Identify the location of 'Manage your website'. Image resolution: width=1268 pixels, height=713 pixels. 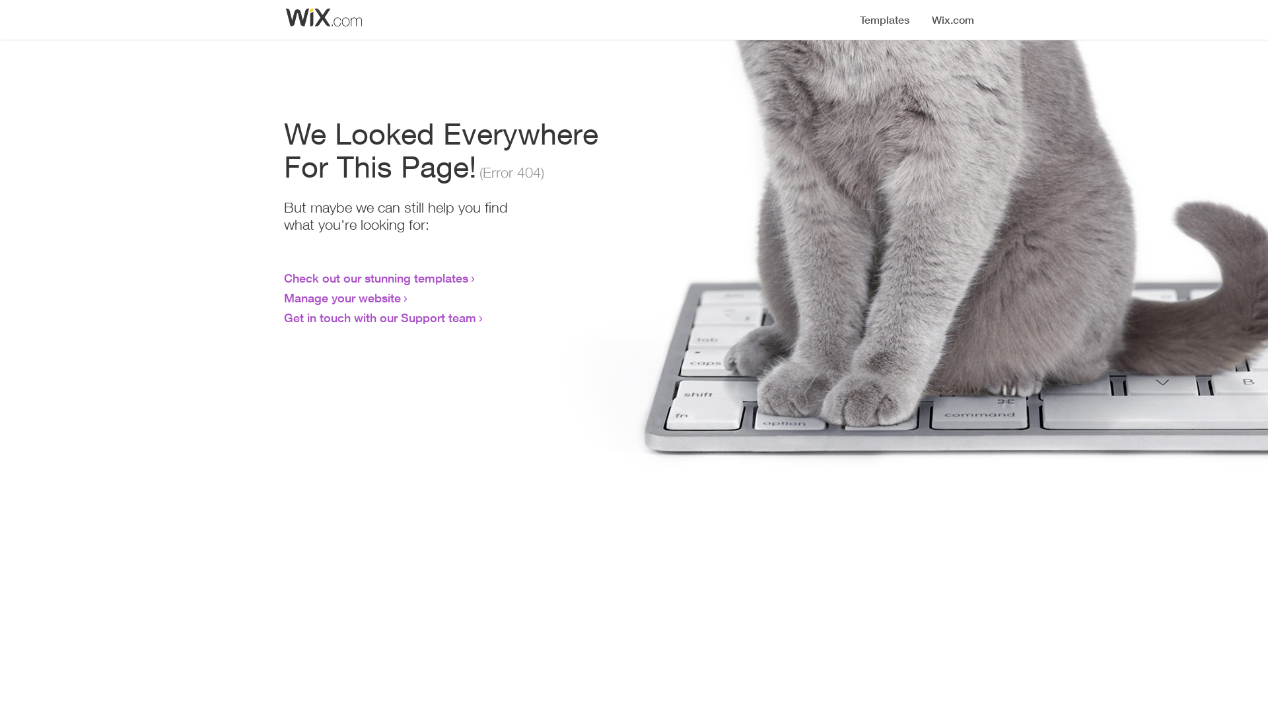
(342, 298).